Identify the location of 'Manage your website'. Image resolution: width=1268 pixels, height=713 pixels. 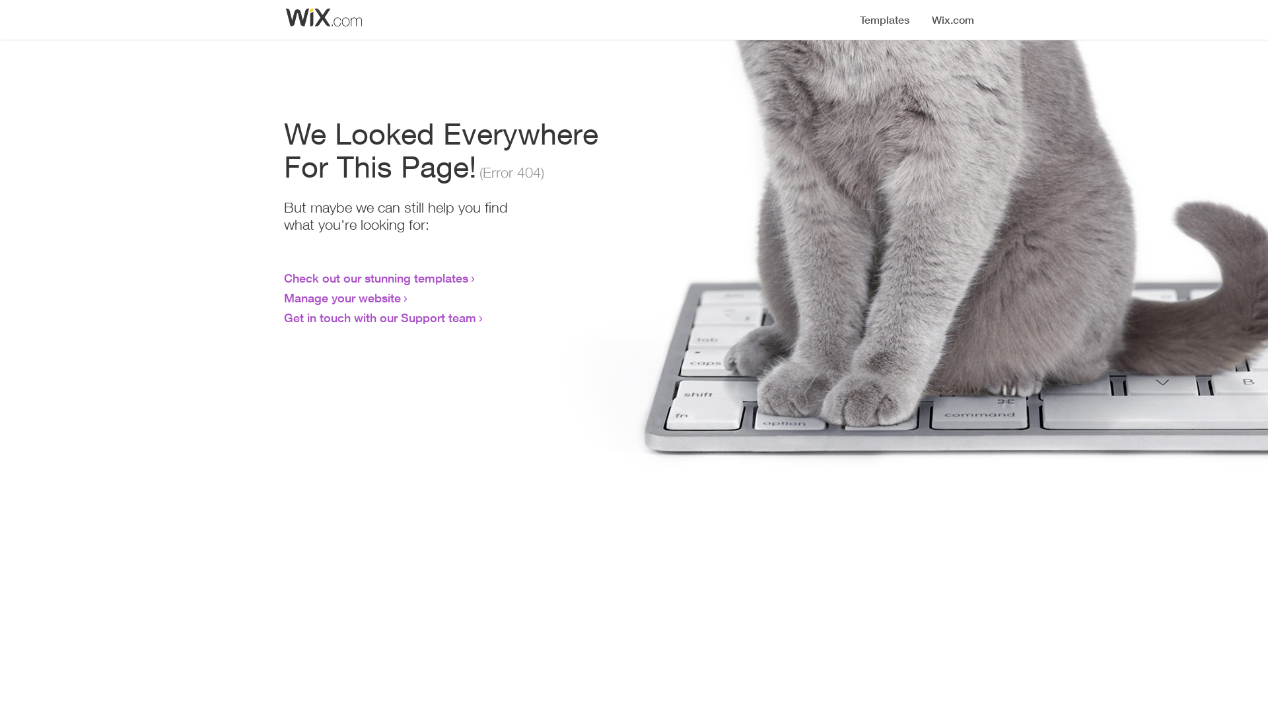
(342, 298).